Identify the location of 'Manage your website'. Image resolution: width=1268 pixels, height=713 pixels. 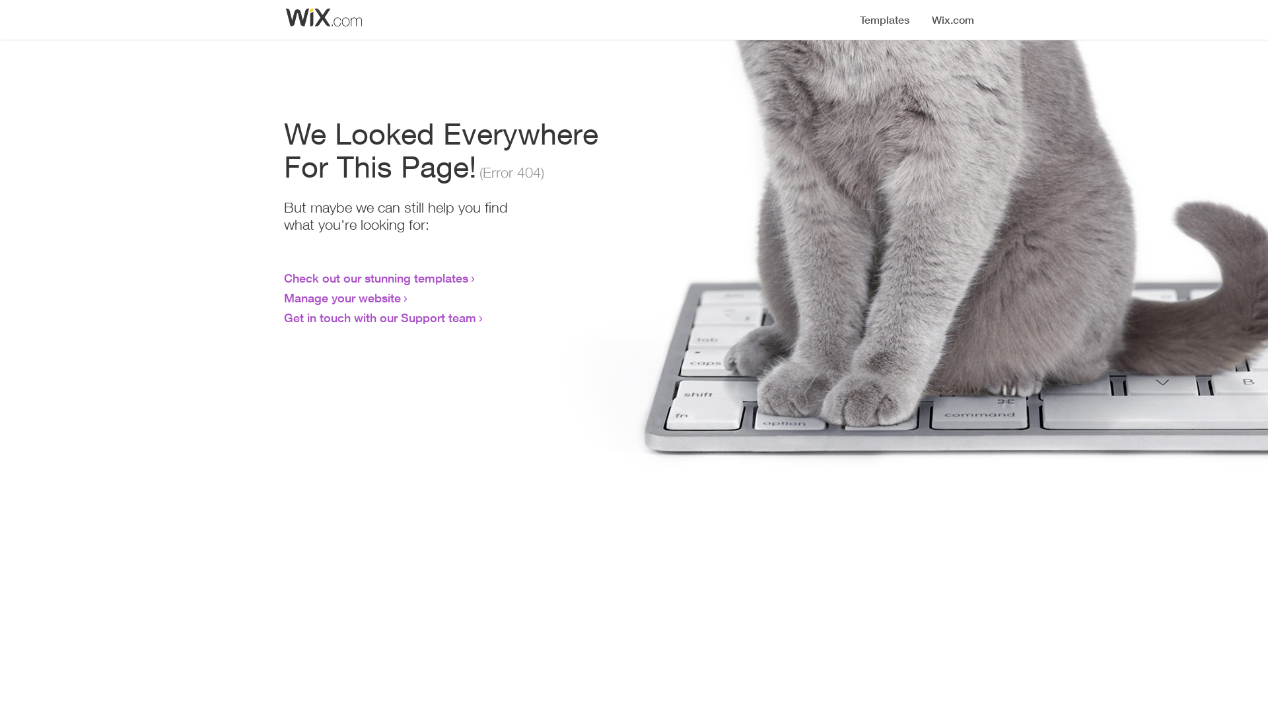
(342, 298).